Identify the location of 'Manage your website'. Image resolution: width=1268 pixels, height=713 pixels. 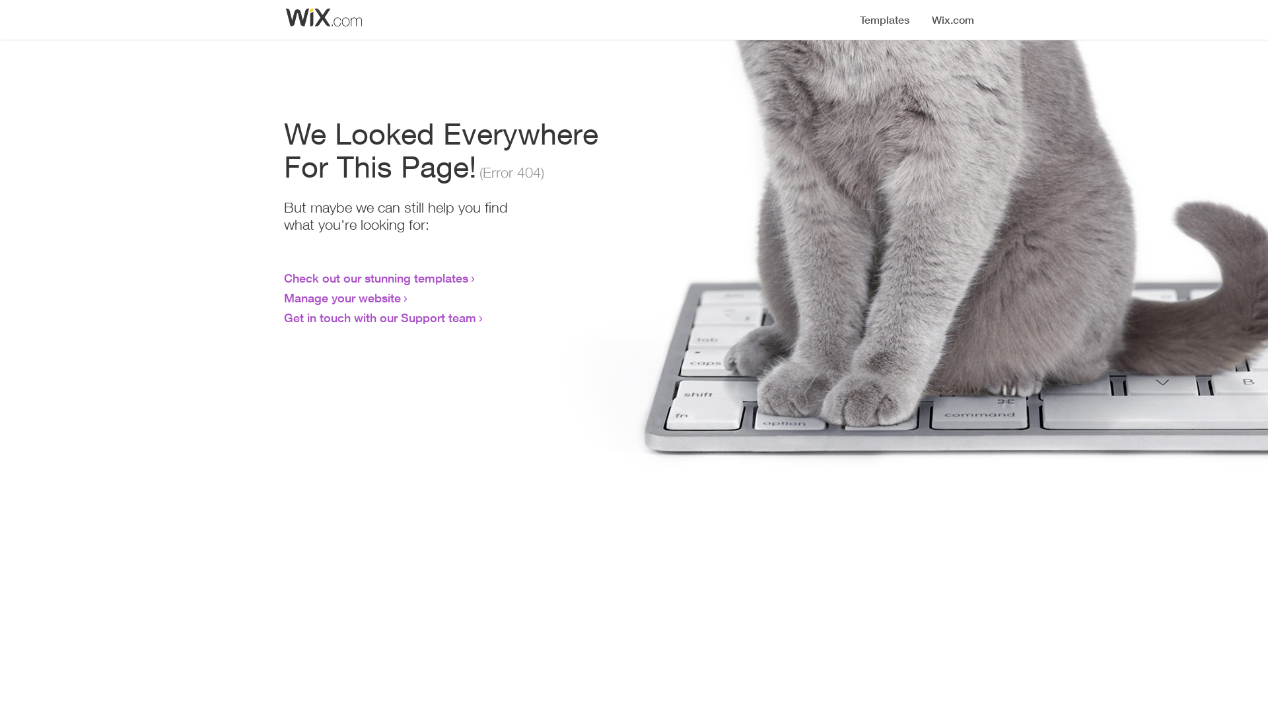
(342, 298).